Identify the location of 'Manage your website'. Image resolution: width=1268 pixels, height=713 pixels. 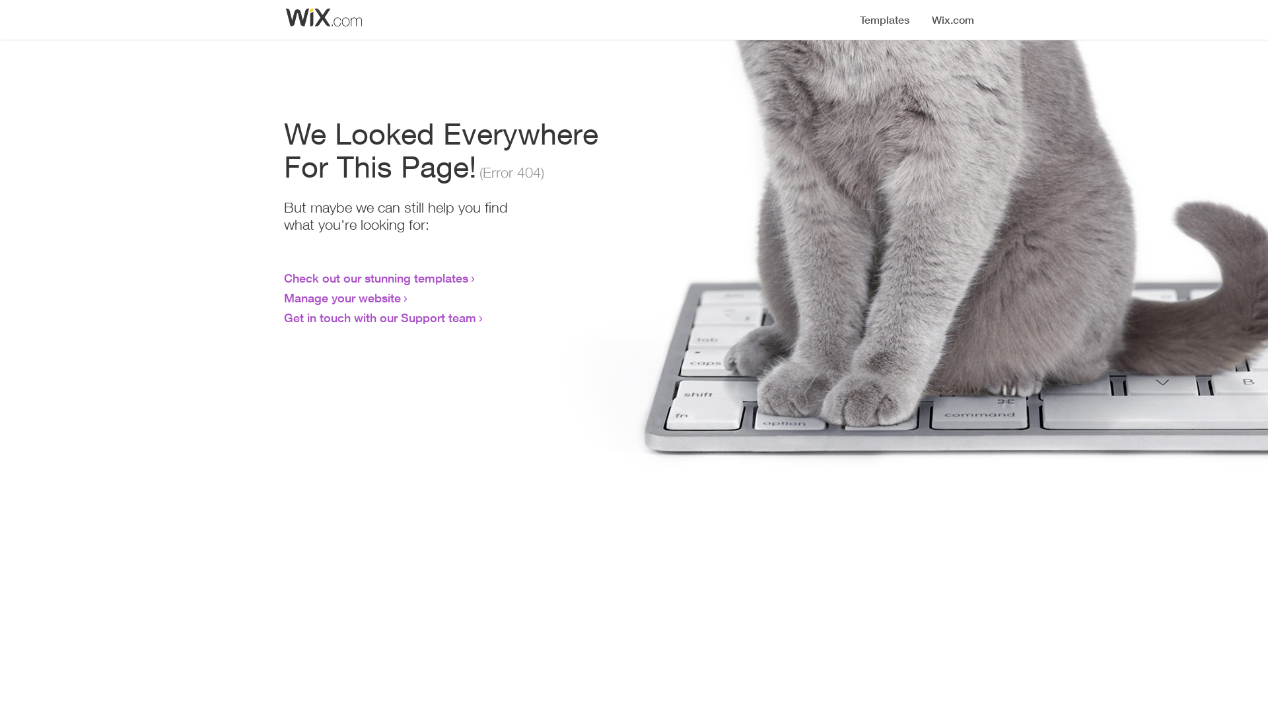
(342, 298).